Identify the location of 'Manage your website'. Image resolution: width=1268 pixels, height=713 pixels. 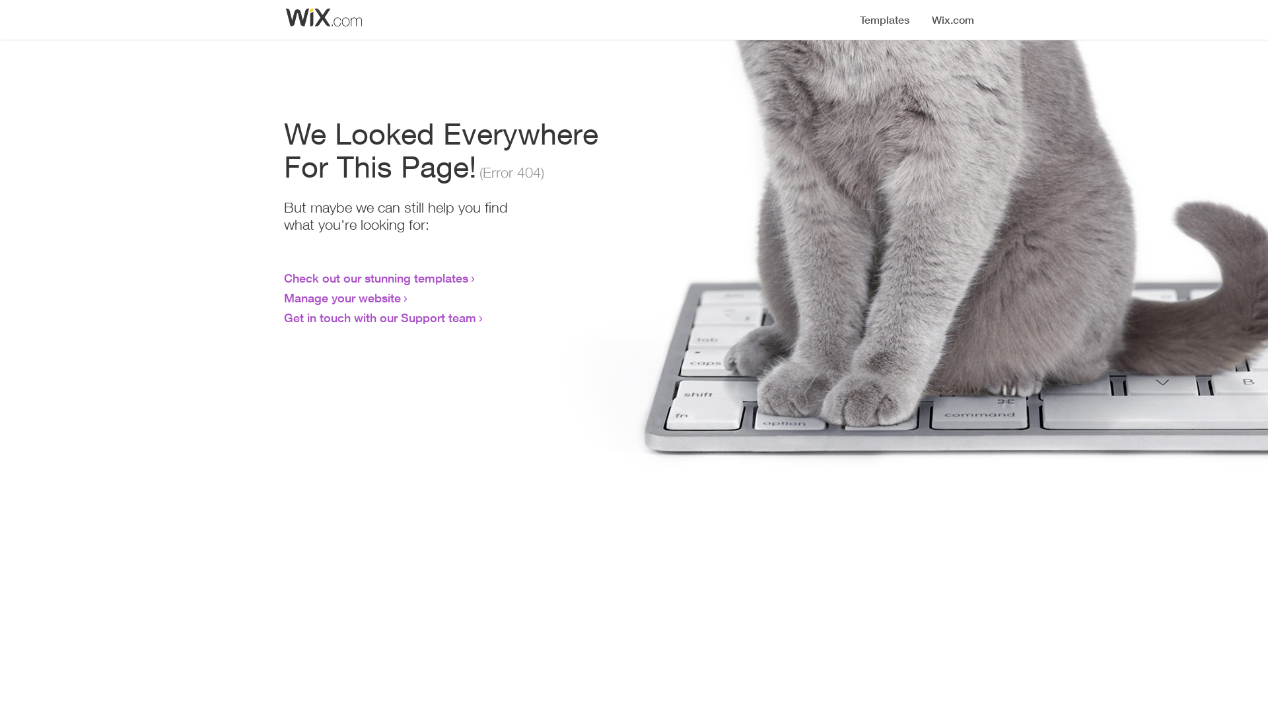
(342, 298).